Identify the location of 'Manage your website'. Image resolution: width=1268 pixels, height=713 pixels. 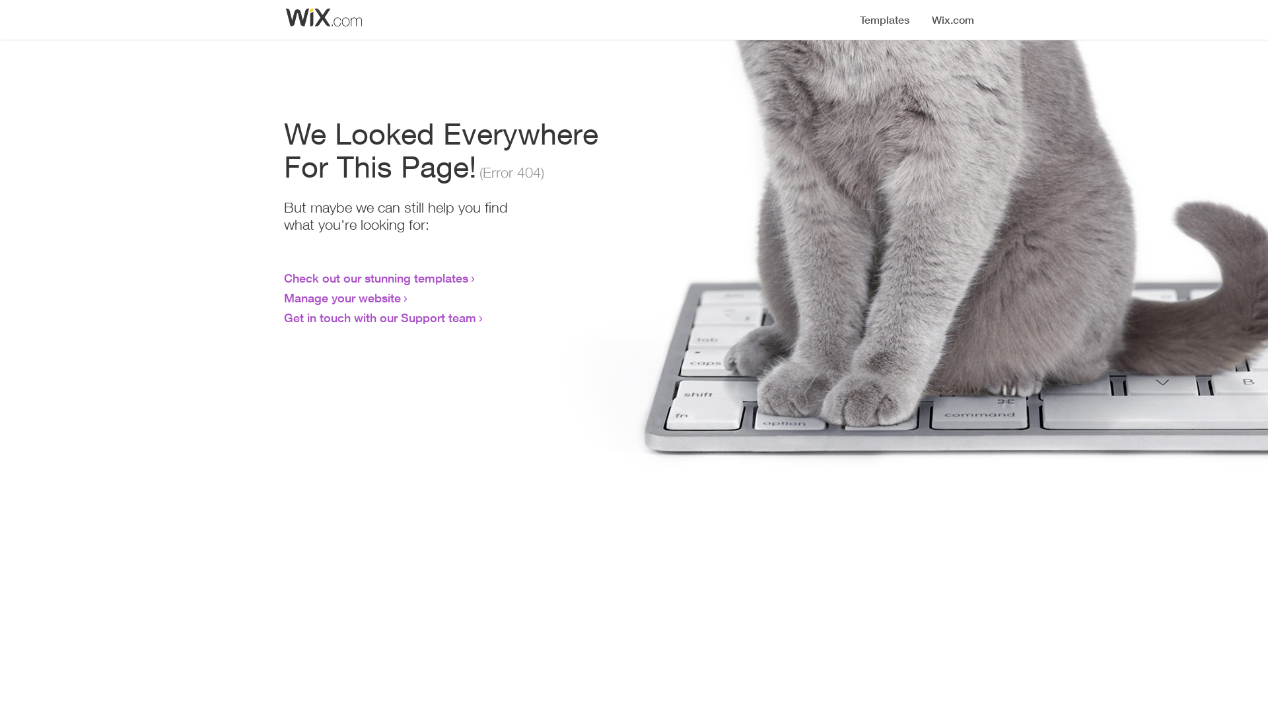
(342, 298).